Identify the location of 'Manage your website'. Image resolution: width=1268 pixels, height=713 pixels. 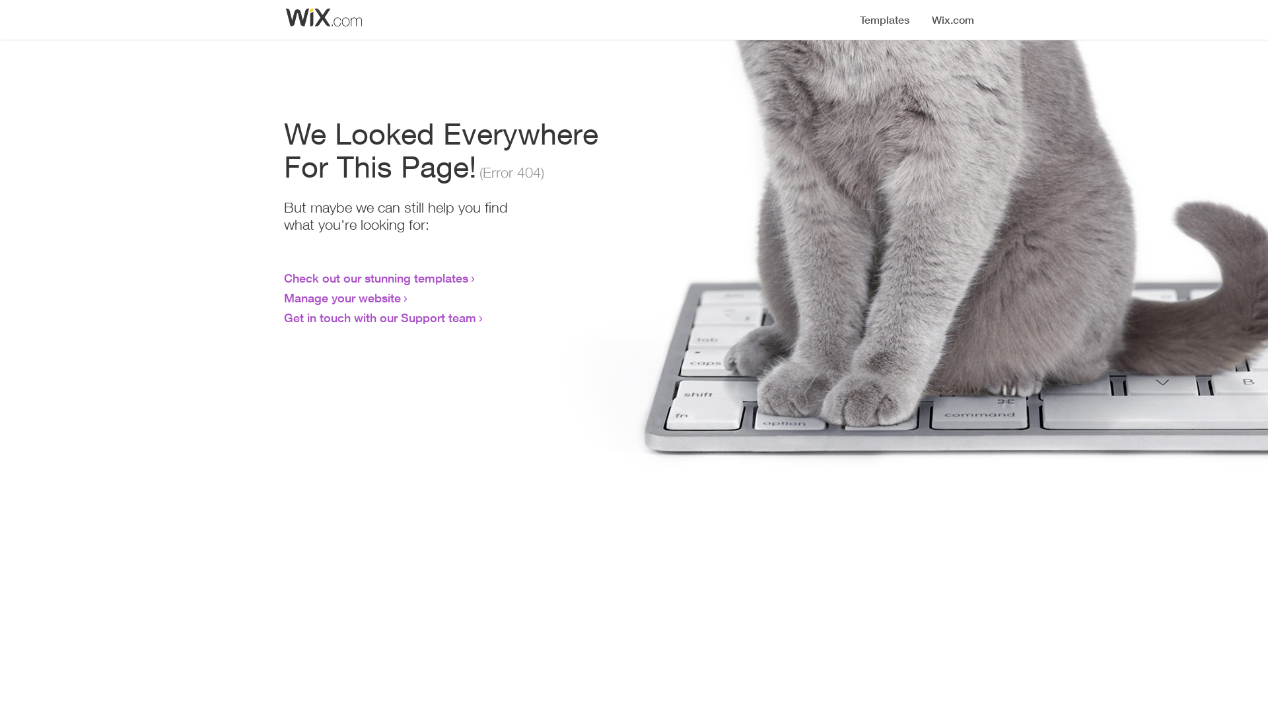
(342, 298).